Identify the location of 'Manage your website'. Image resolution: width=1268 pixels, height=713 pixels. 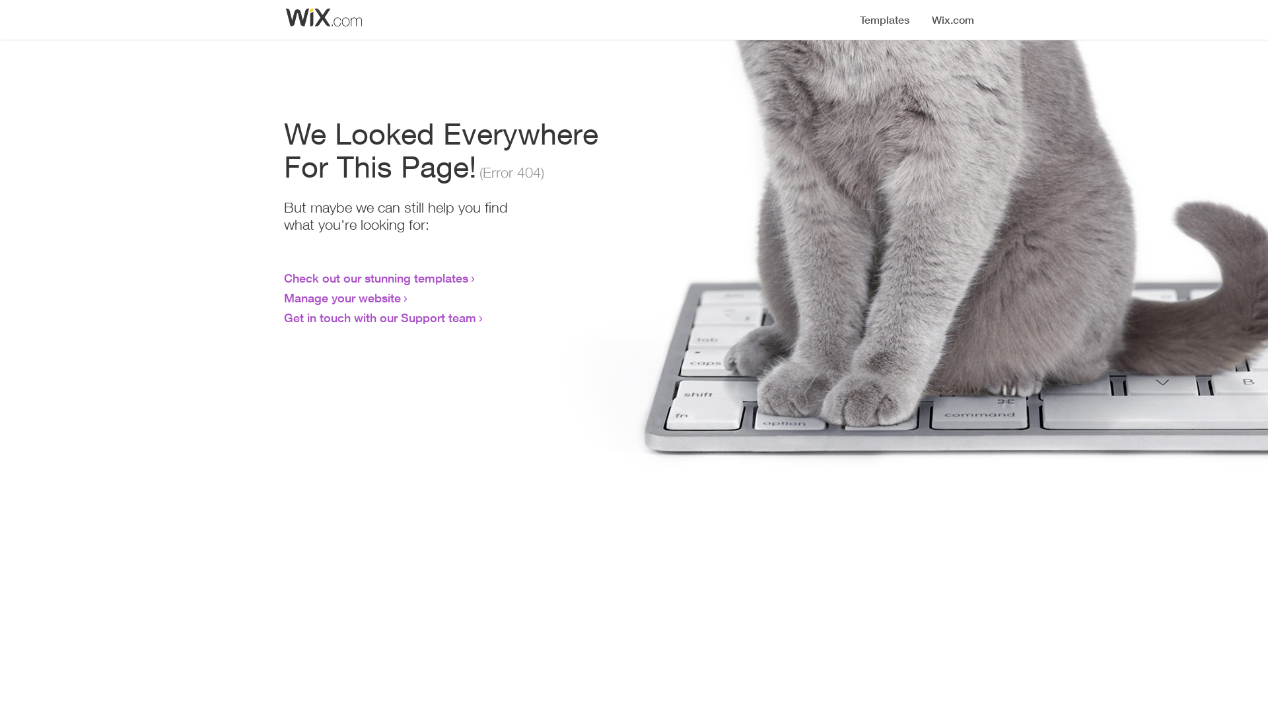
(342, 298).